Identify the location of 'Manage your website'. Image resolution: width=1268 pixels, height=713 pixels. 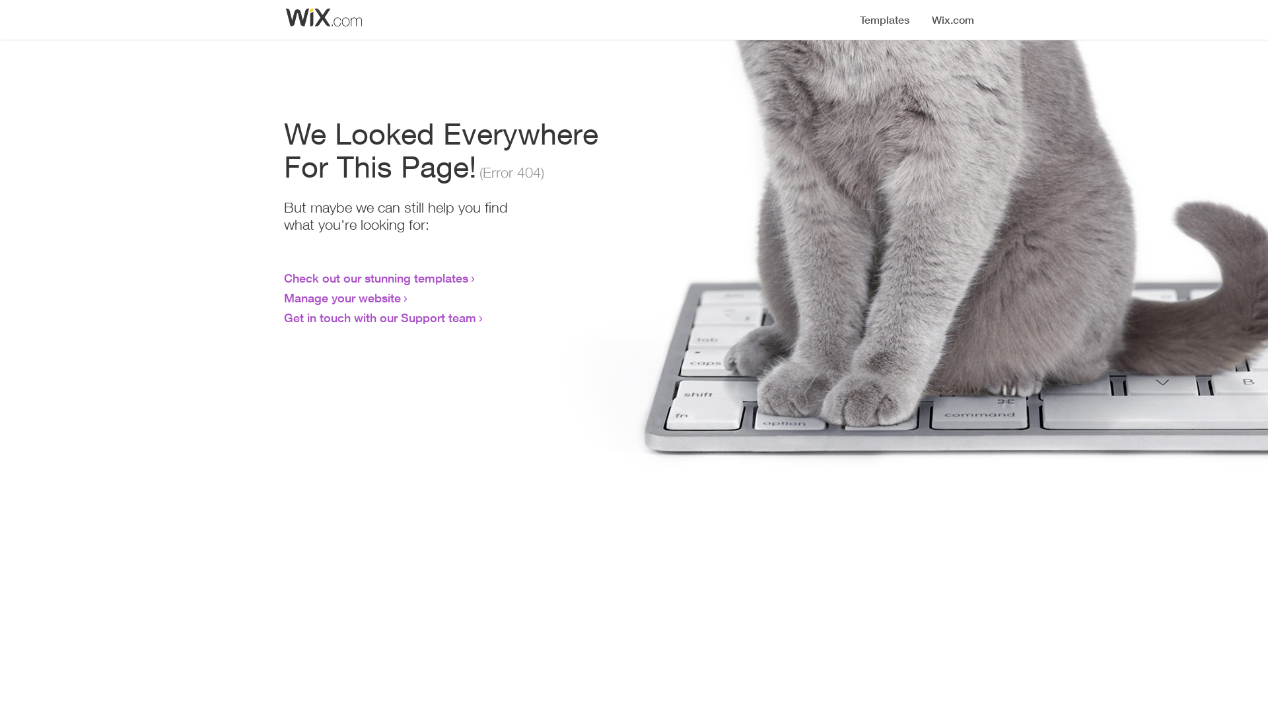
(342, 298).